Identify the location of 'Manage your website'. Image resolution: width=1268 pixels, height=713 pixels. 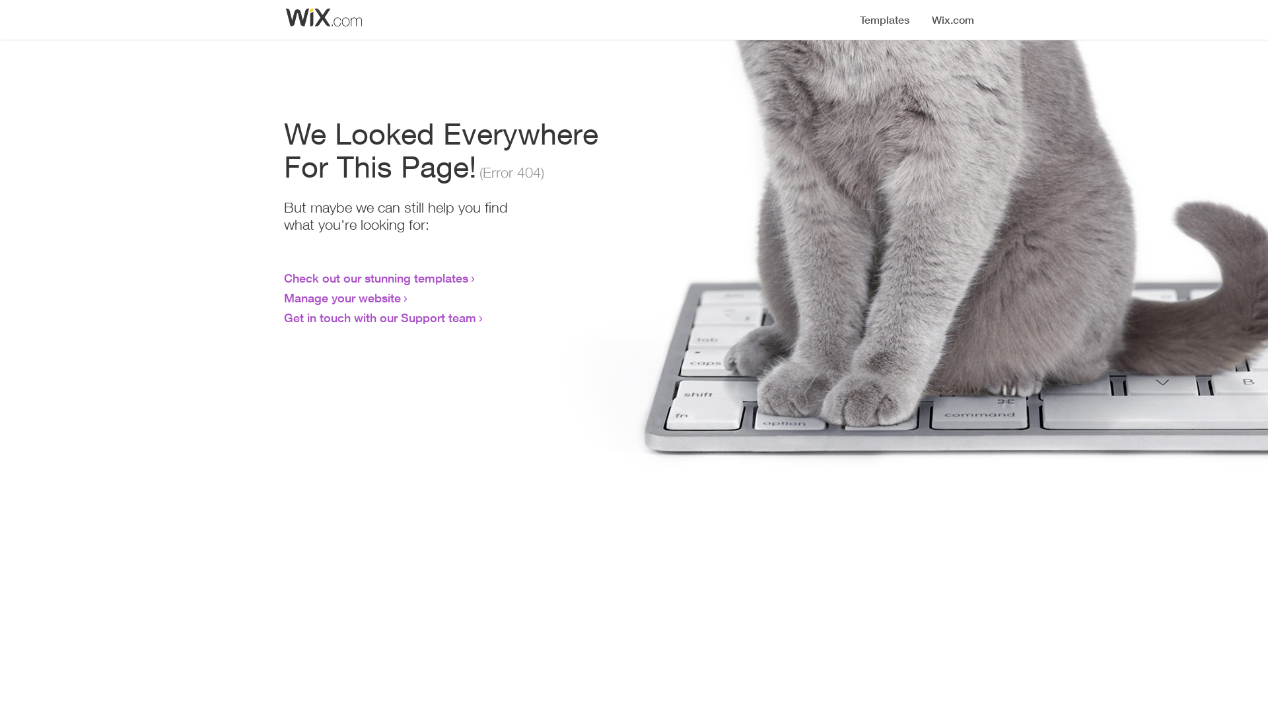
(342, 298).